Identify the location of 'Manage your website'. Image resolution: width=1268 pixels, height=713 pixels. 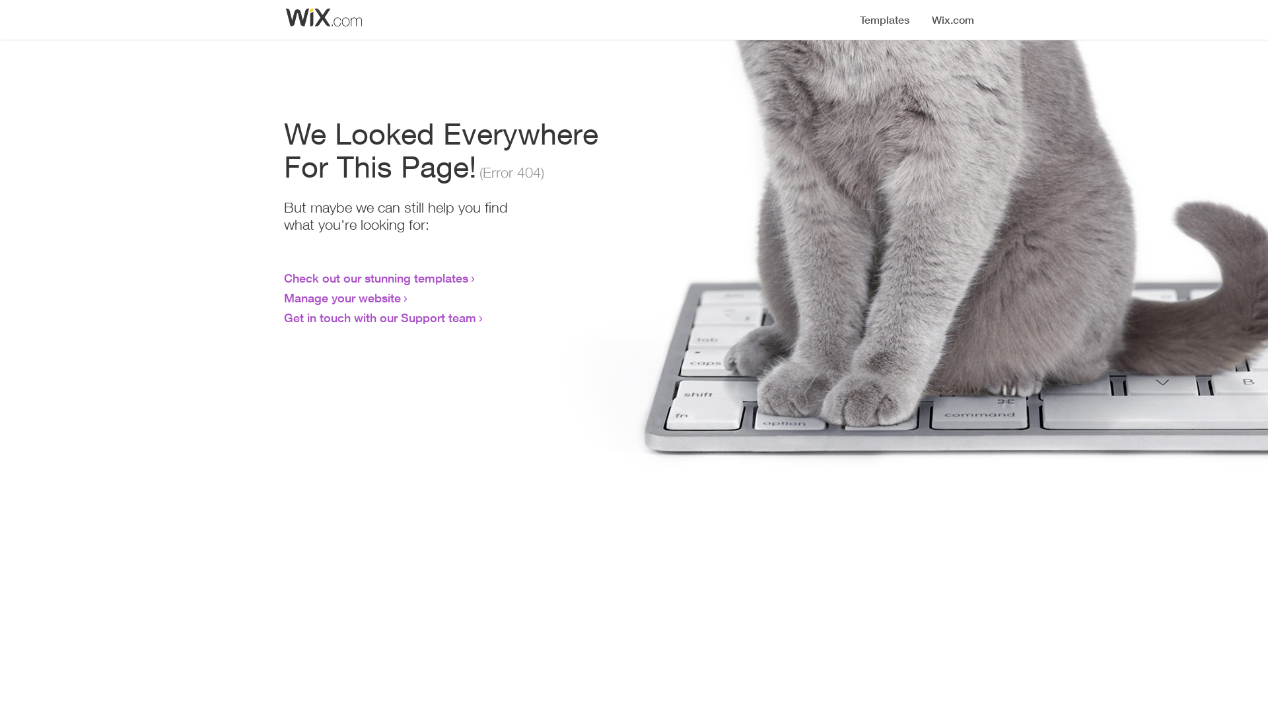
(342, 298).